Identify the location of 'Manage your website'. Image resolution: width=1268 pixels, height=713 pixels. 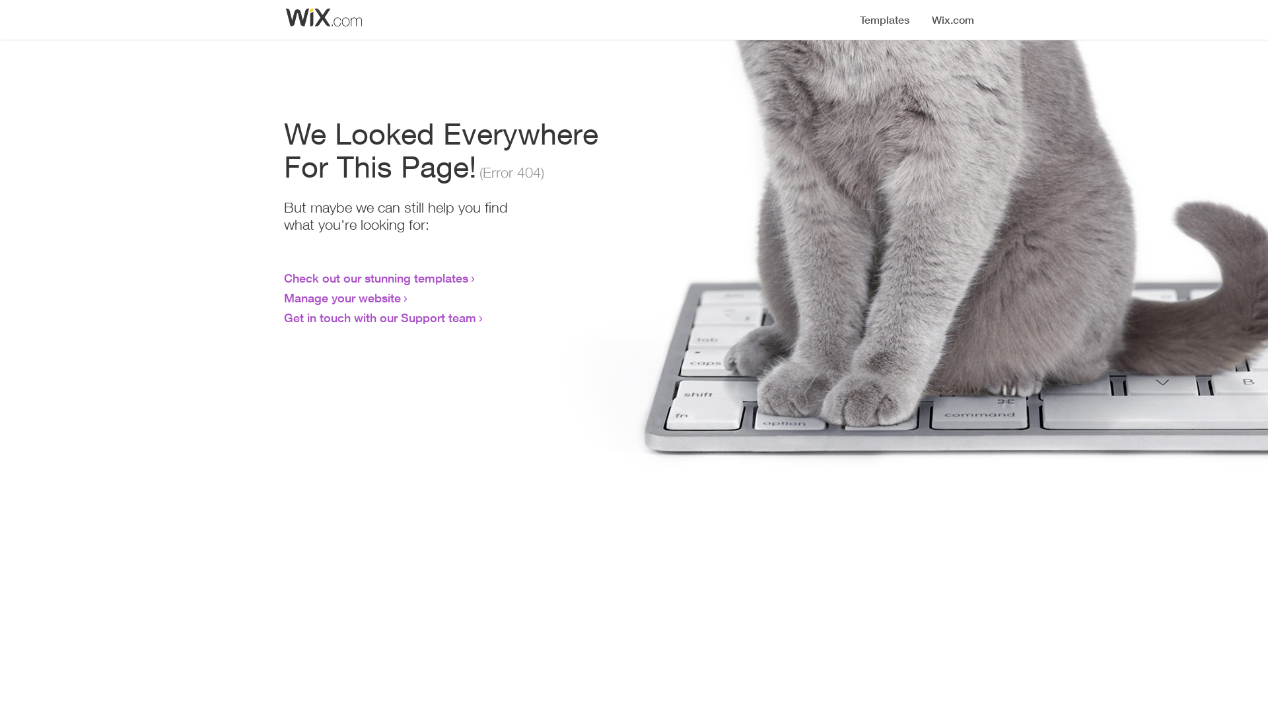
(342, 298).